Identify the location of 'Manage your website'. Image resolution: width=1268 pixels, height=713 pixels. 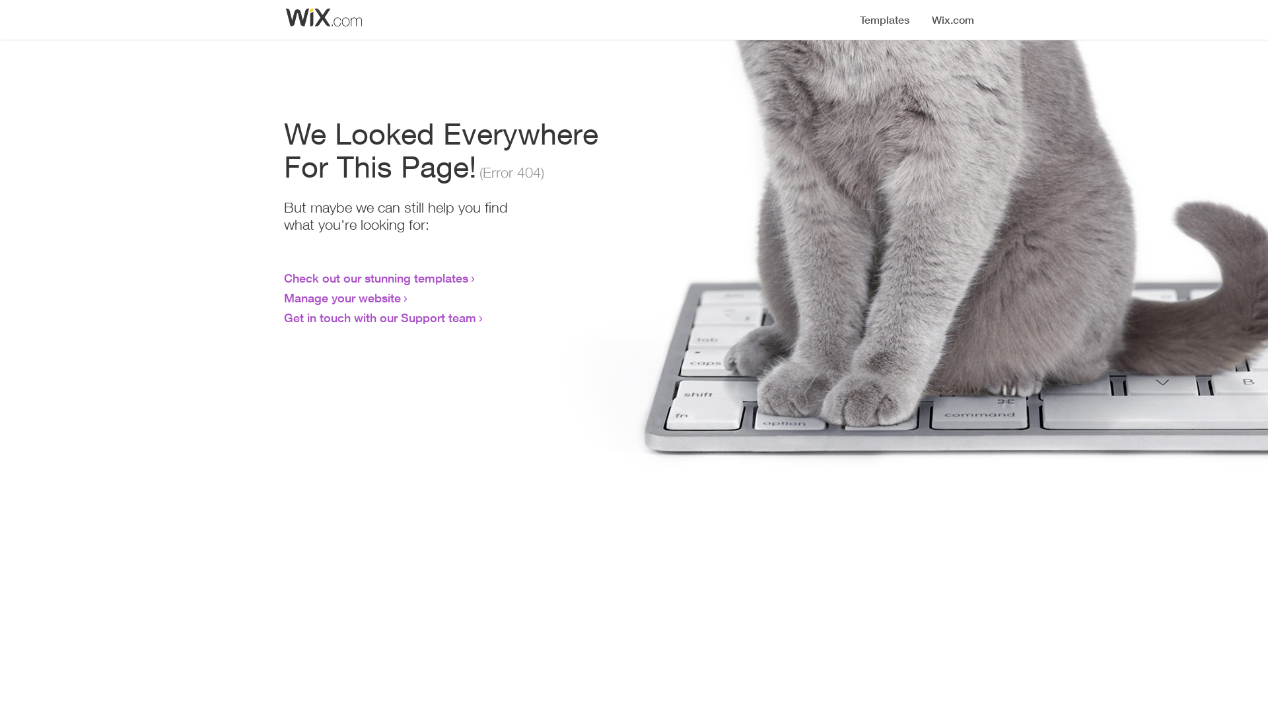
(342, 298).